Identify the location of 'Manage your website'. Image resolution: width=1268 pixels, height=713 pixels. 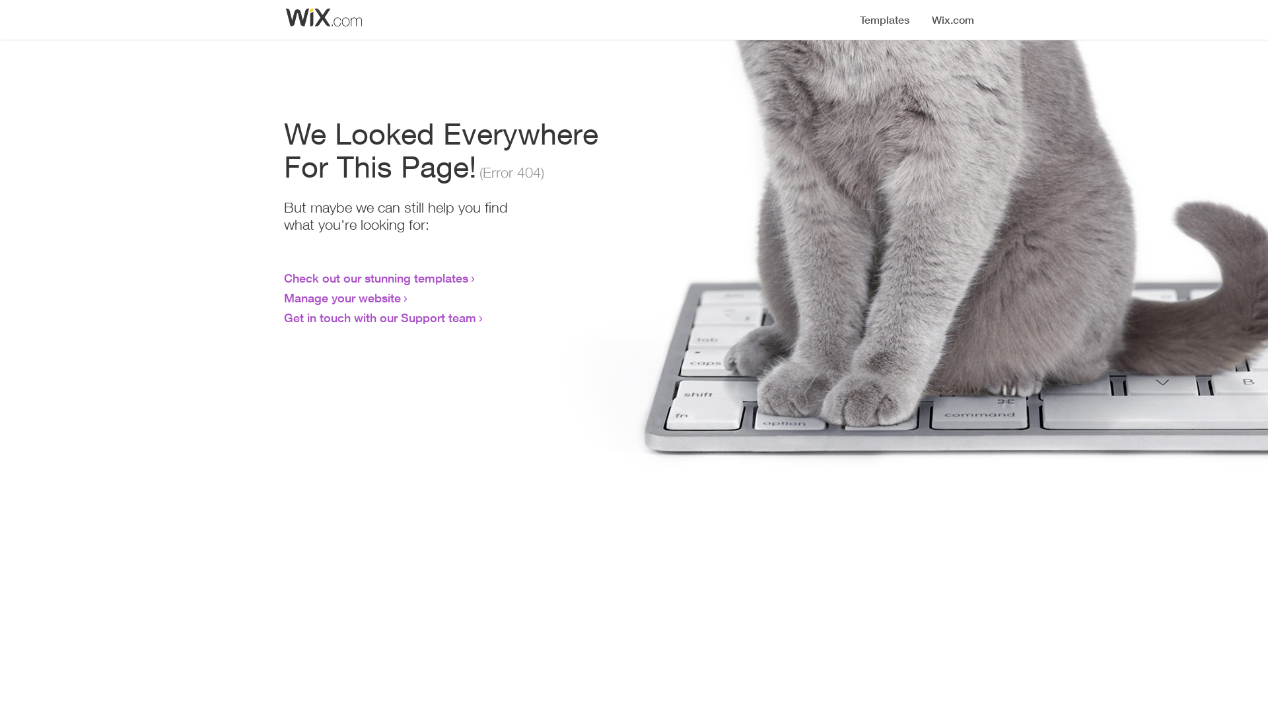
(342, 298).